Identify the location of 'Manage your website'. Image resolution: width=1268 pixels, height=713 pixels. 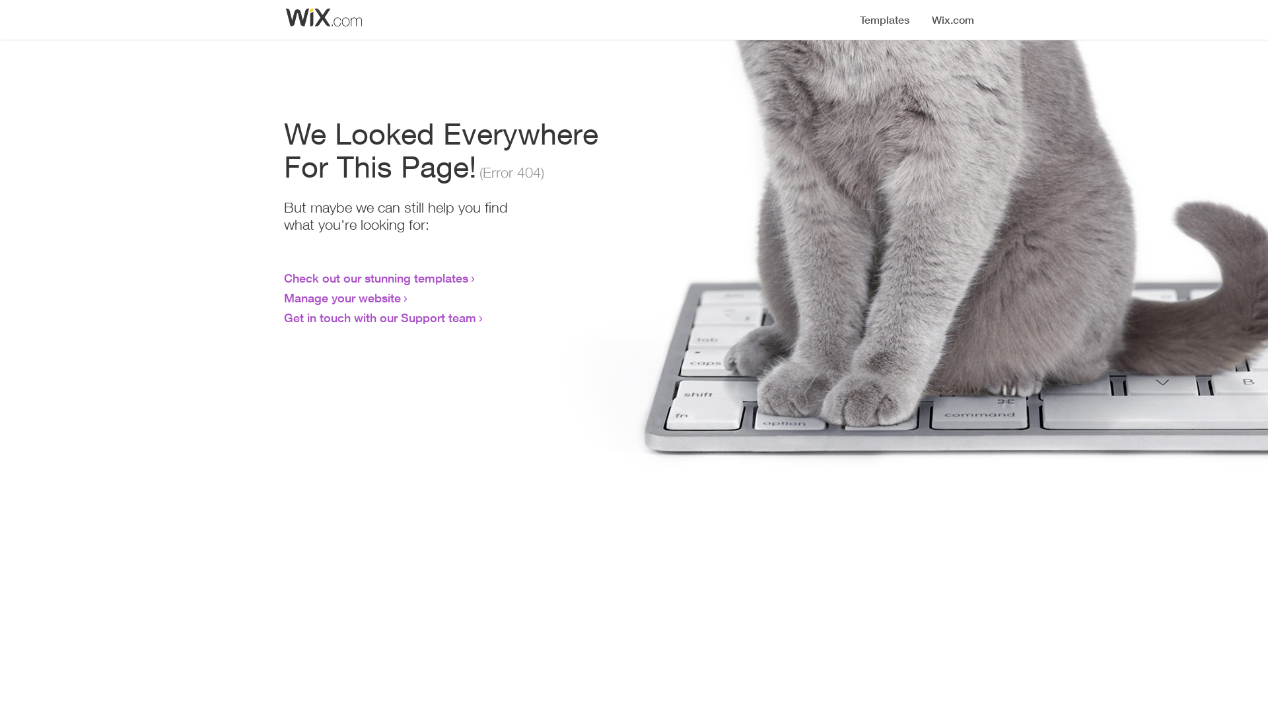
(342, 298).